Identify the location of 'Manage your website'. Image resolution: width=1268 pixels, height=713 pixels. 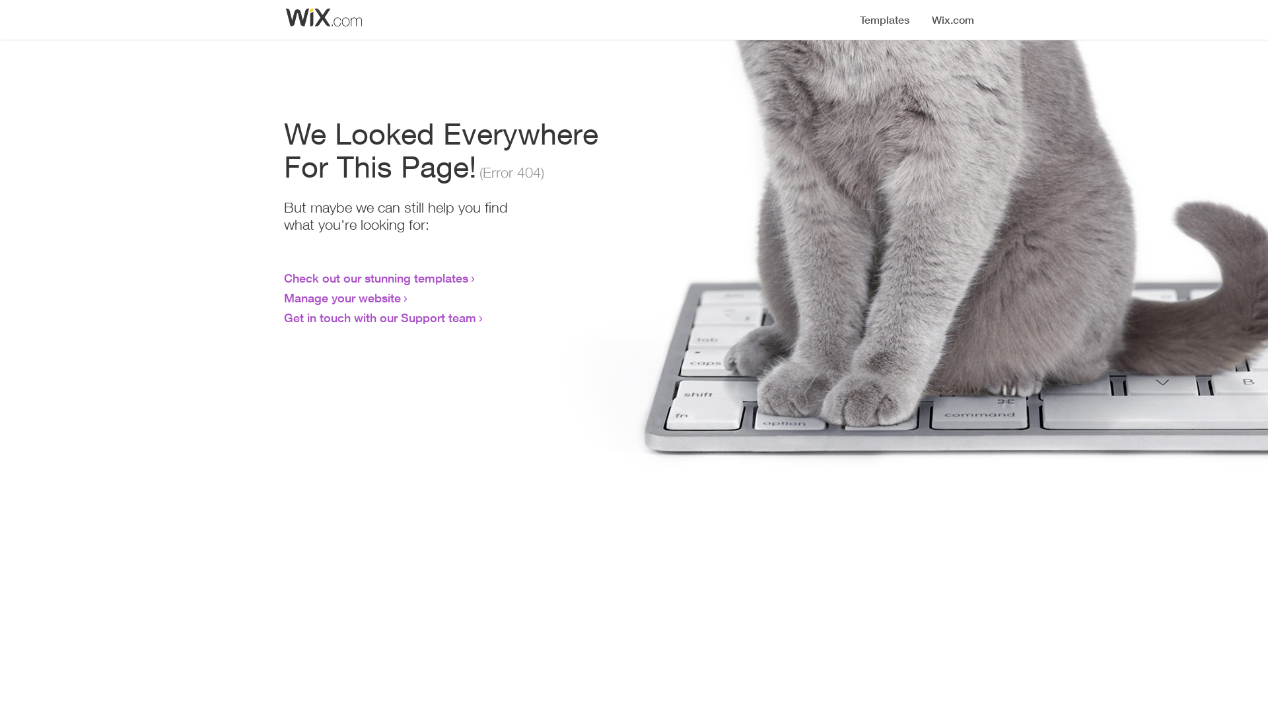
(342, 298).